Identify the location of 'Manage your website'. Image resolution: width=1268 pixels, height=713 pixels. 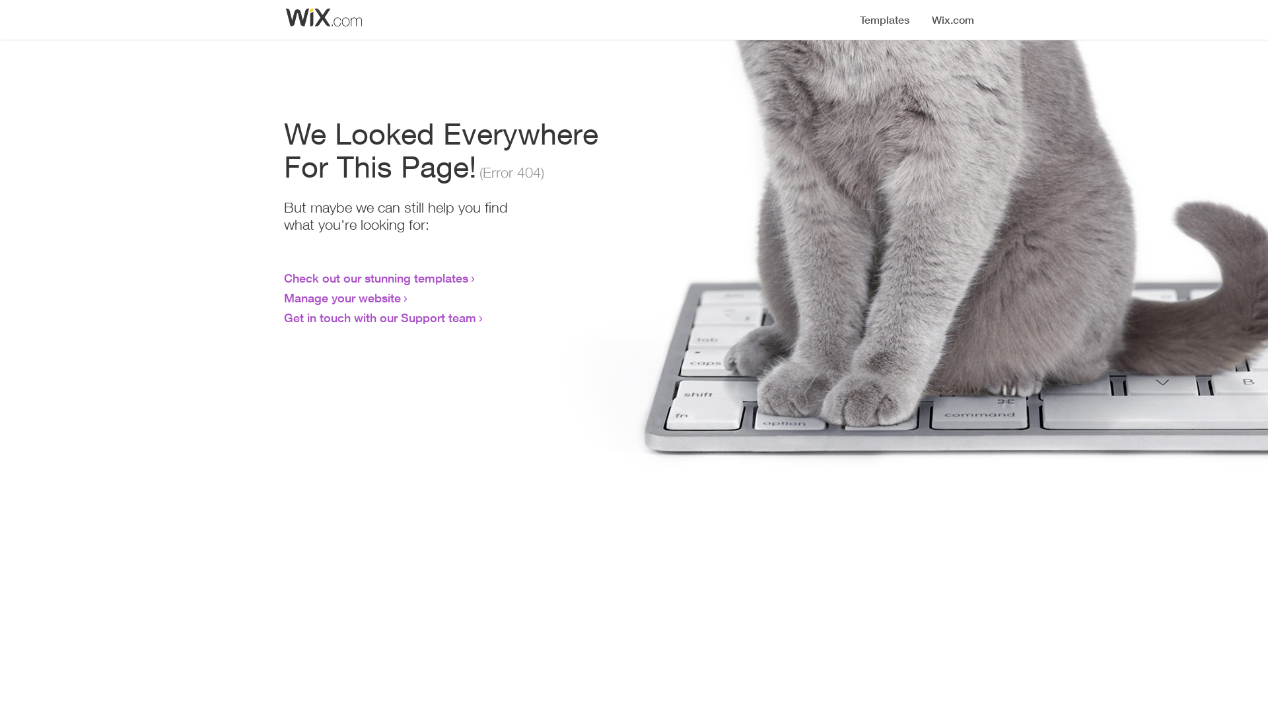
(342, 298).